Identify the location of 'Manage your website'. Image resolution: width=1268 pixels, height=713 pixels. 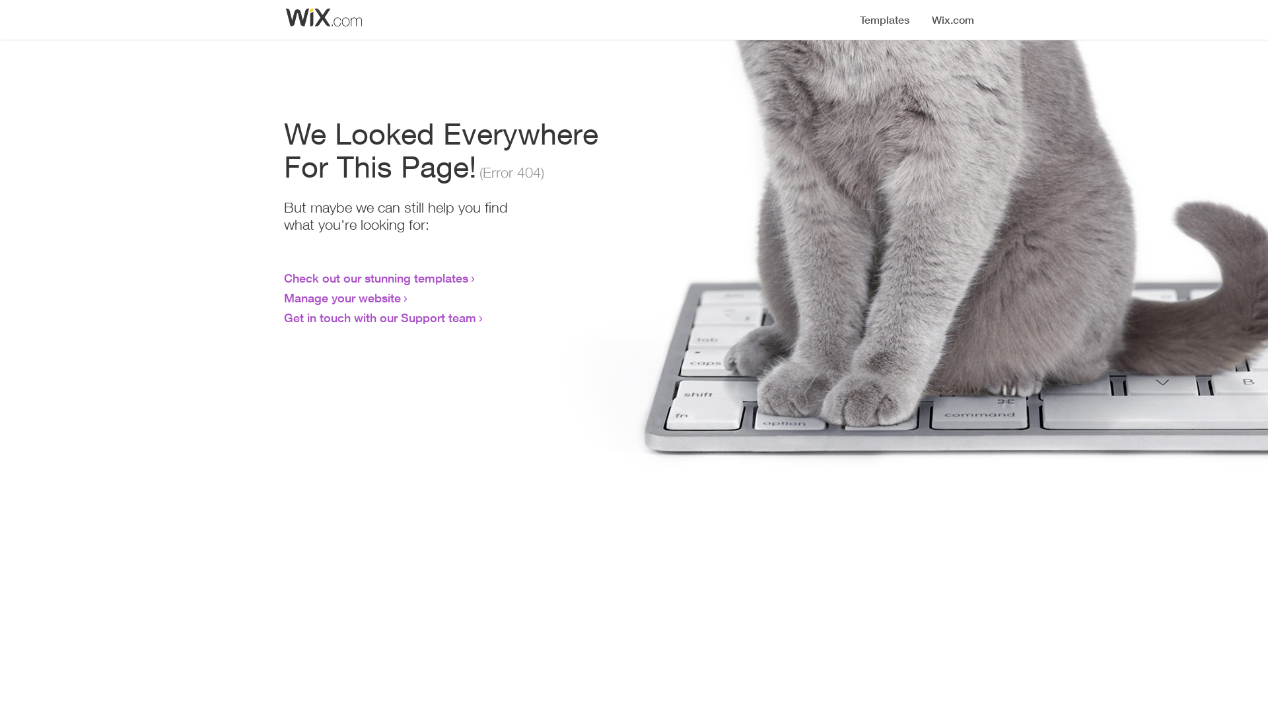
(342, 298).